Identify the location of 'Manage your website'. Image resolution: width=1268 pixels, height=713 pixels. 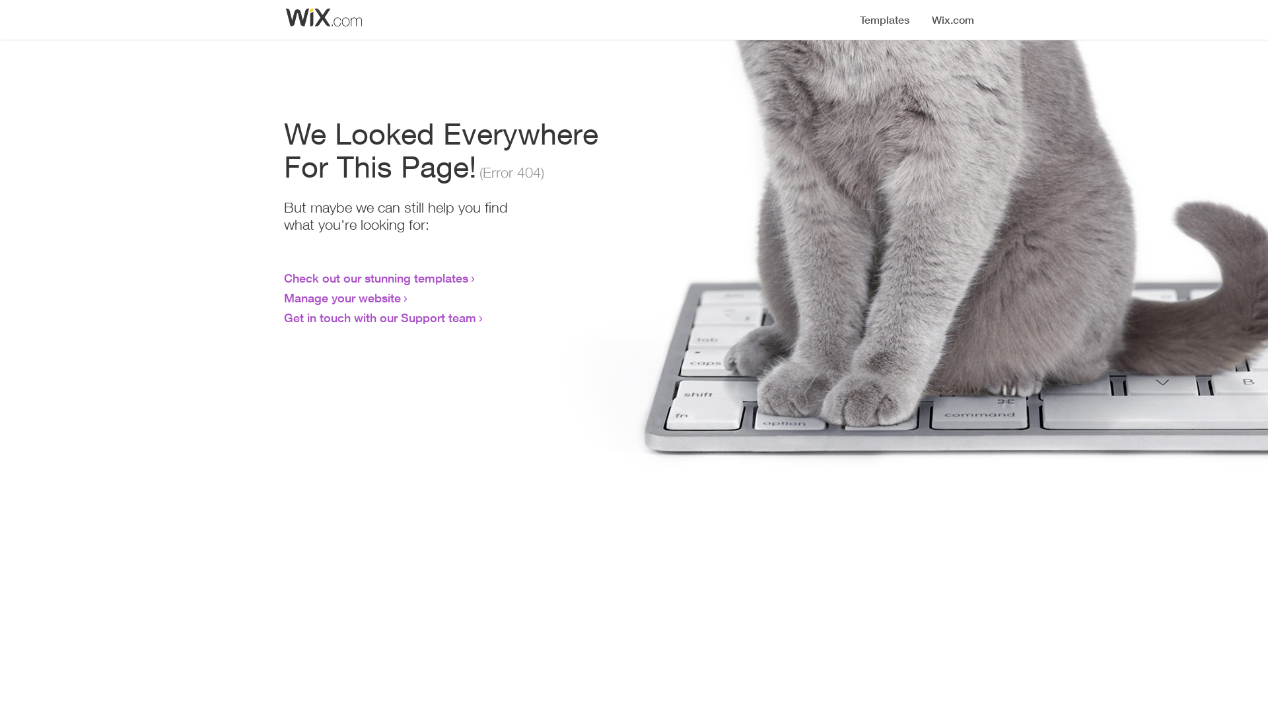
(342, 298).